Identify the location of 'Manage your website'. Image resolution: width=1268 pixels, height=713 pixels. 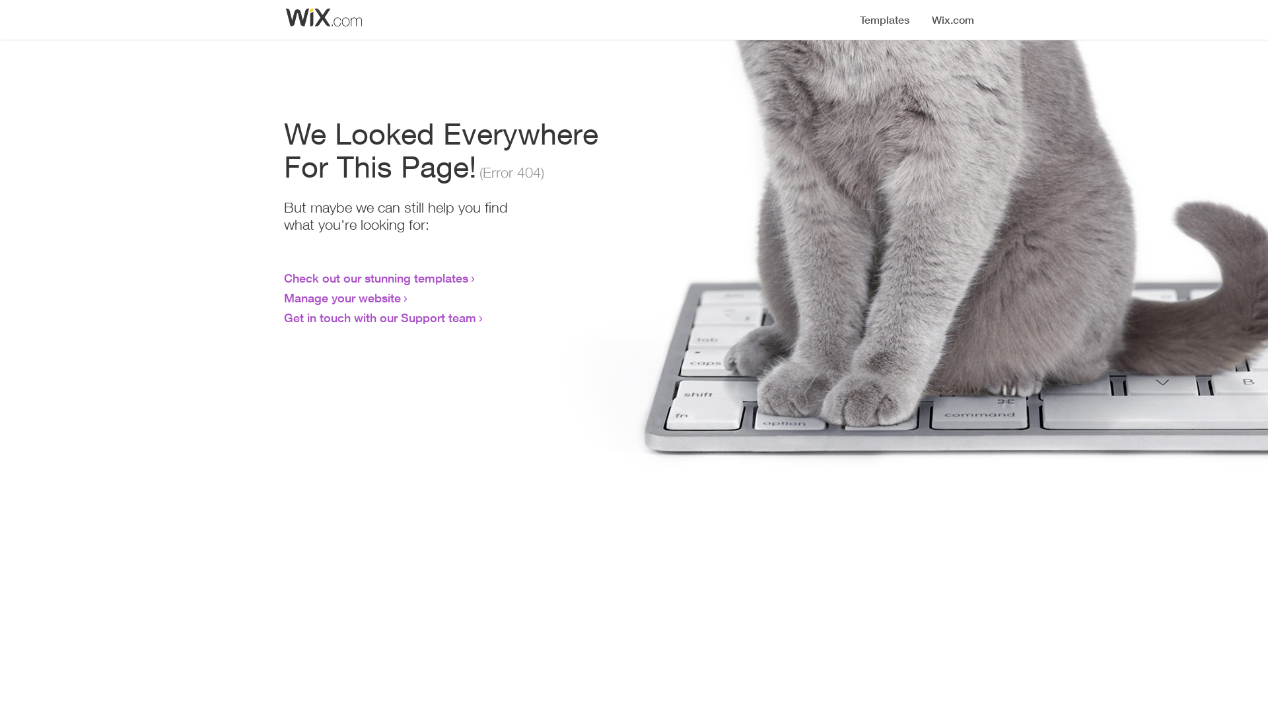
(342, 298).